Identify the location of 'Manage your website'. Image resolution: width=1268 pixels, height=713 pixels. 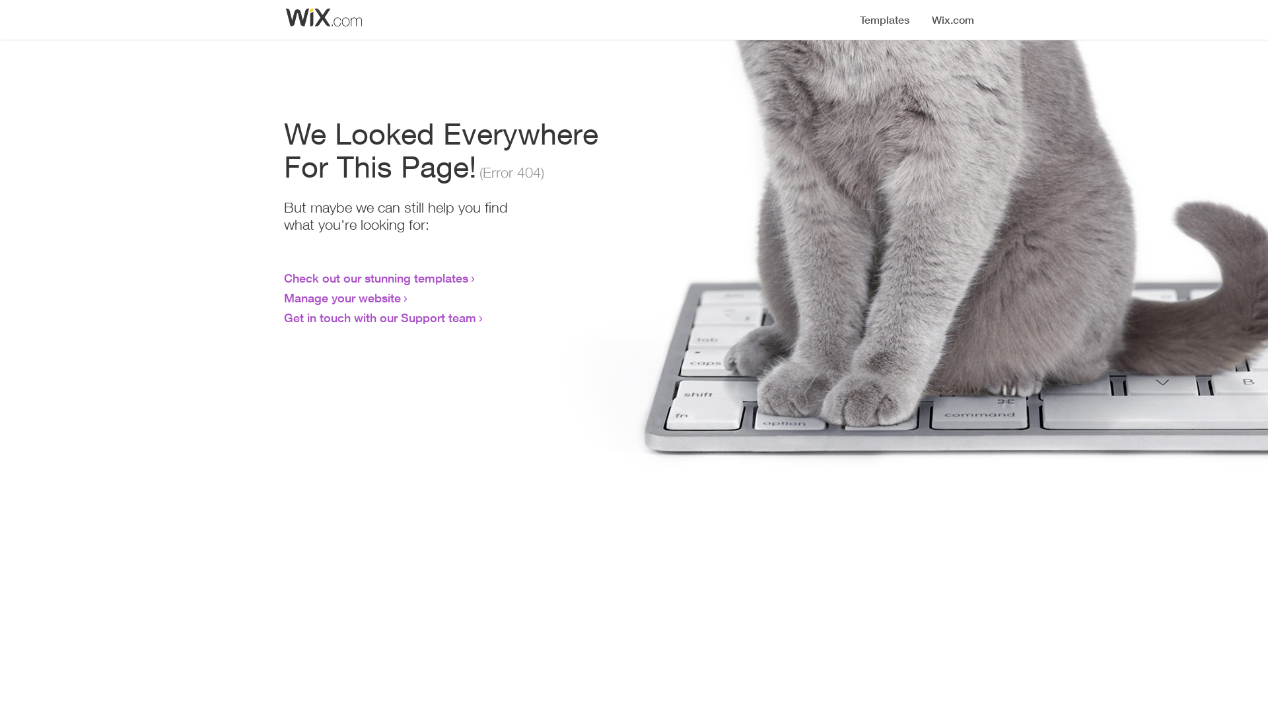
(342, 298).